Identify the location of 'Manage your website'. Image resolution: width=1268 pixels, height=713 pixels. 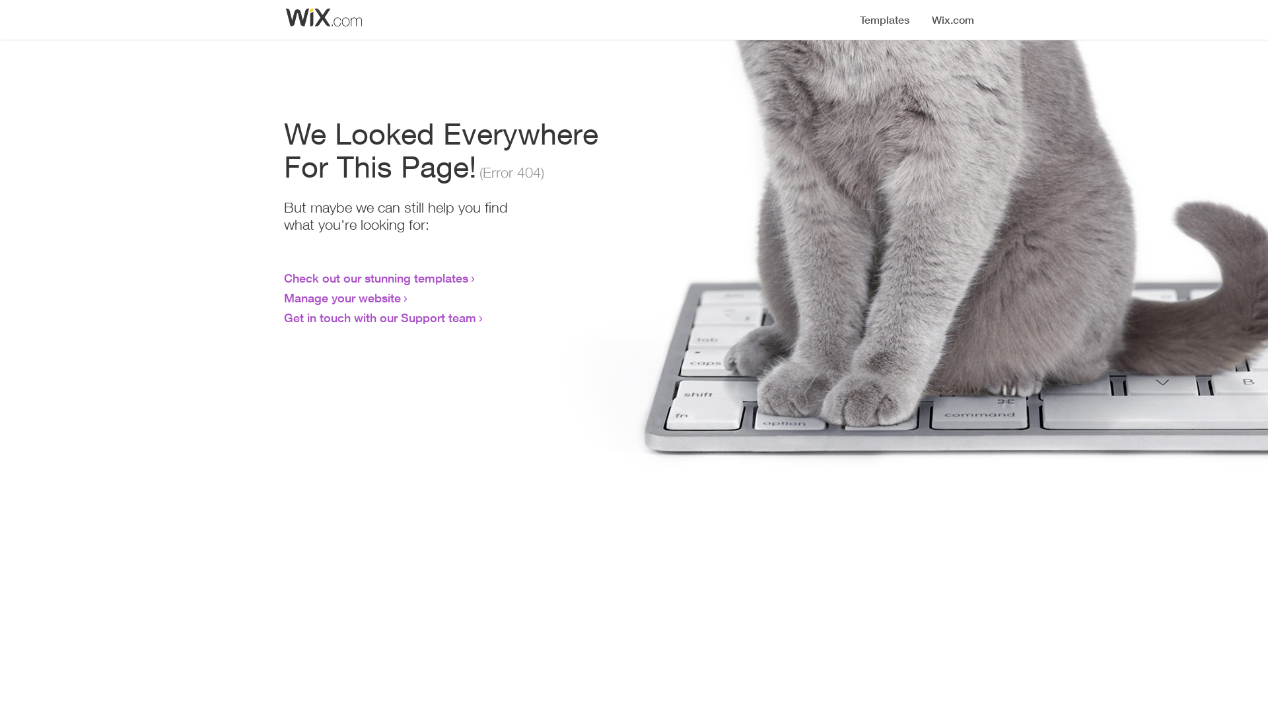
(342, 298).